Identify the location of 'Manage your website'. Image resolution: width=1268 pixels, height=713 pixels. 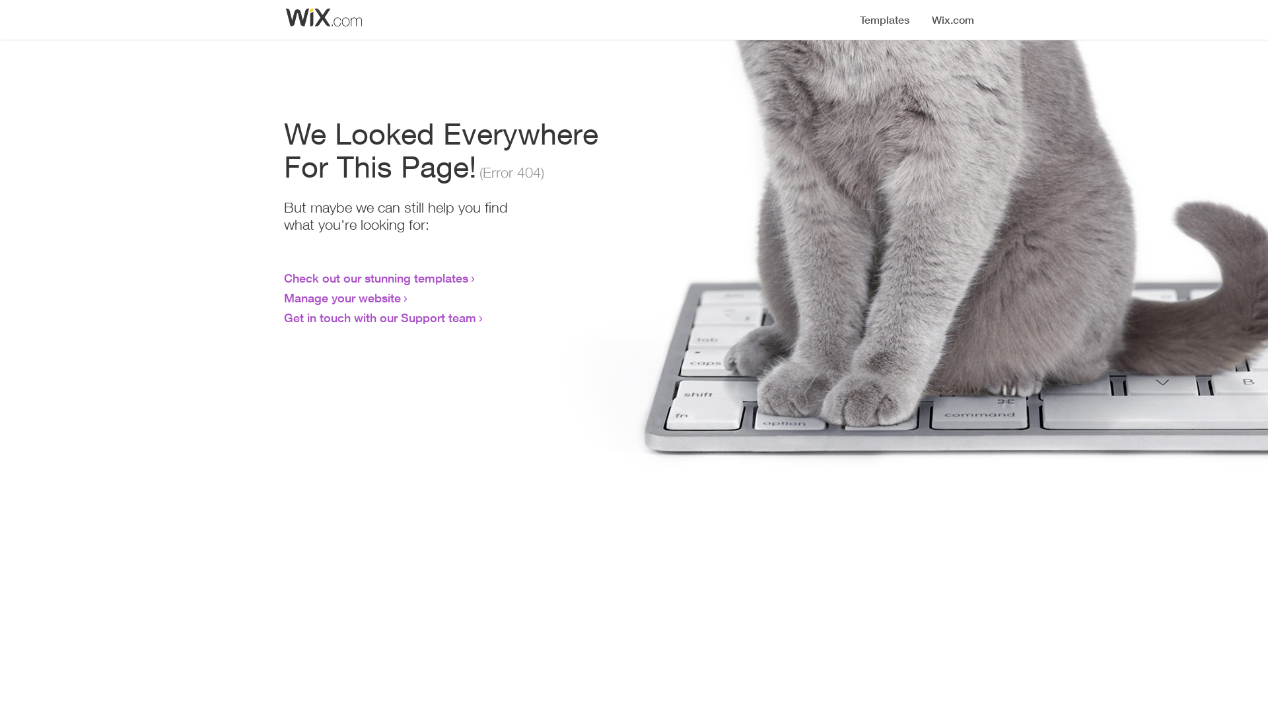
(342, 298).